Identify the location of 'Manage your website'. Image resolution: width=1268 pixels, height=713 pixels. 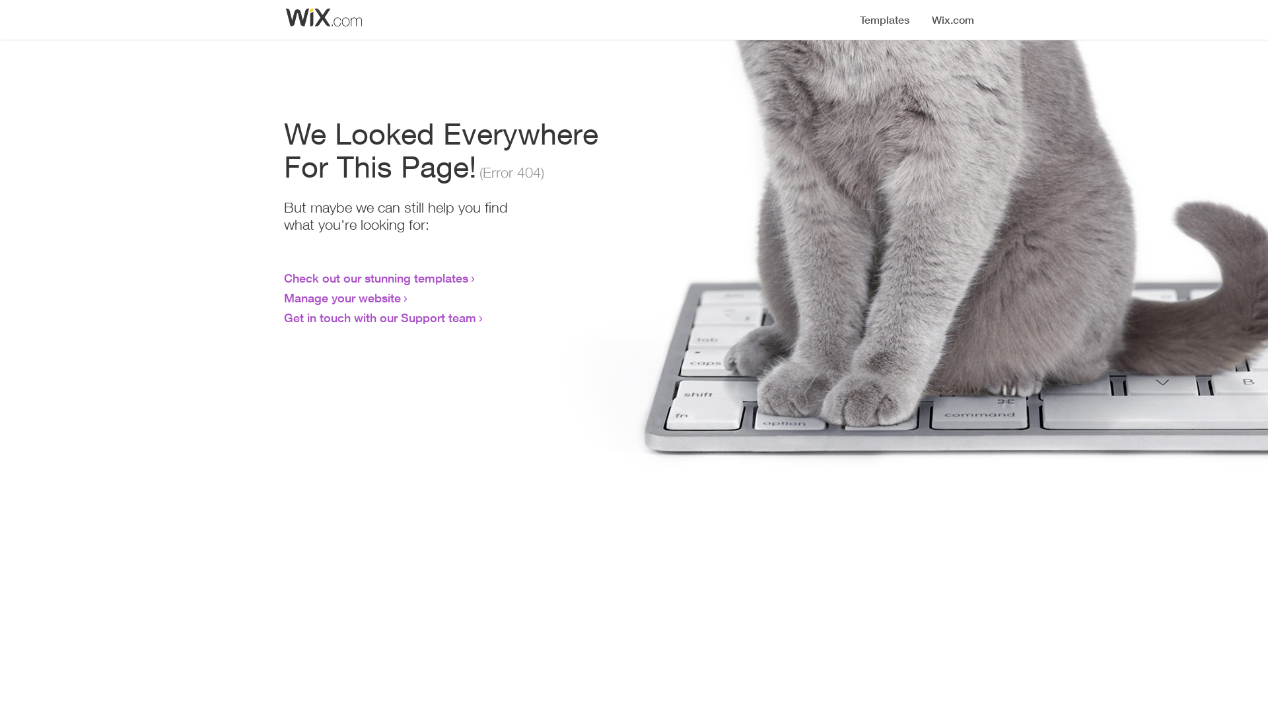
(342, 298).